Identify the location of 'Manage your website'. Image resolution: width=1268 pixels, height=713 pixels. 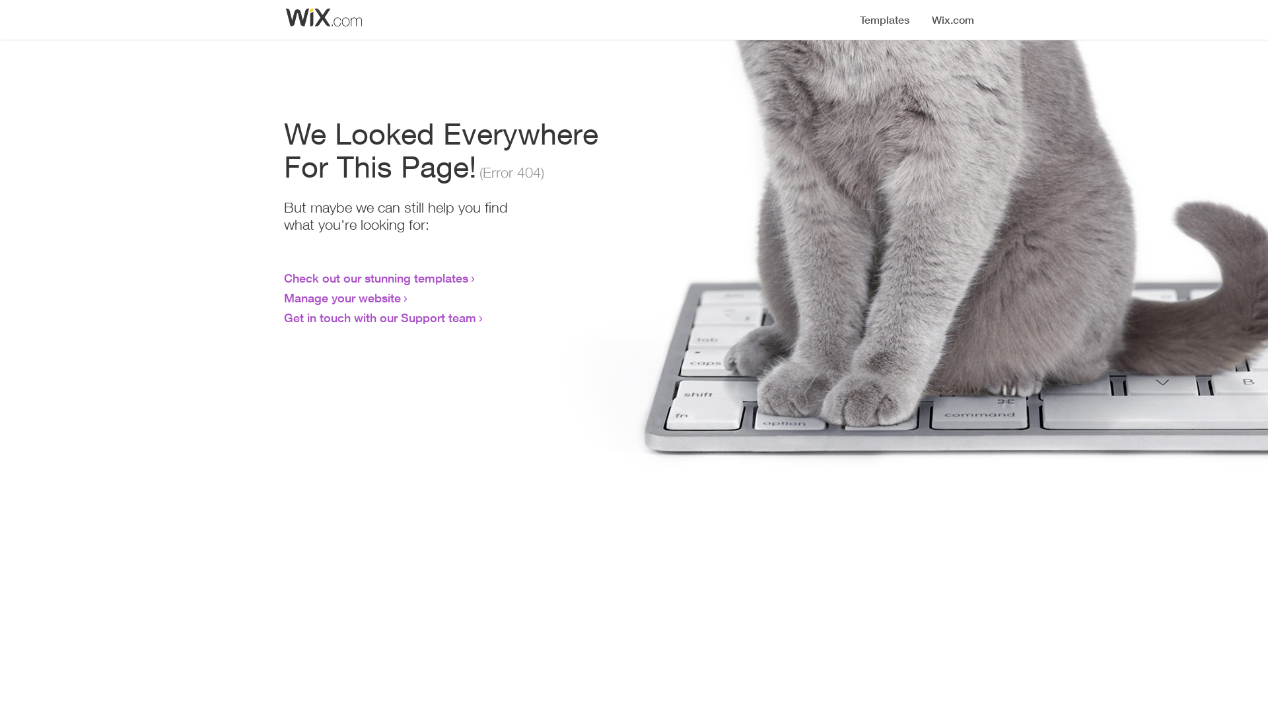
(342, 298).